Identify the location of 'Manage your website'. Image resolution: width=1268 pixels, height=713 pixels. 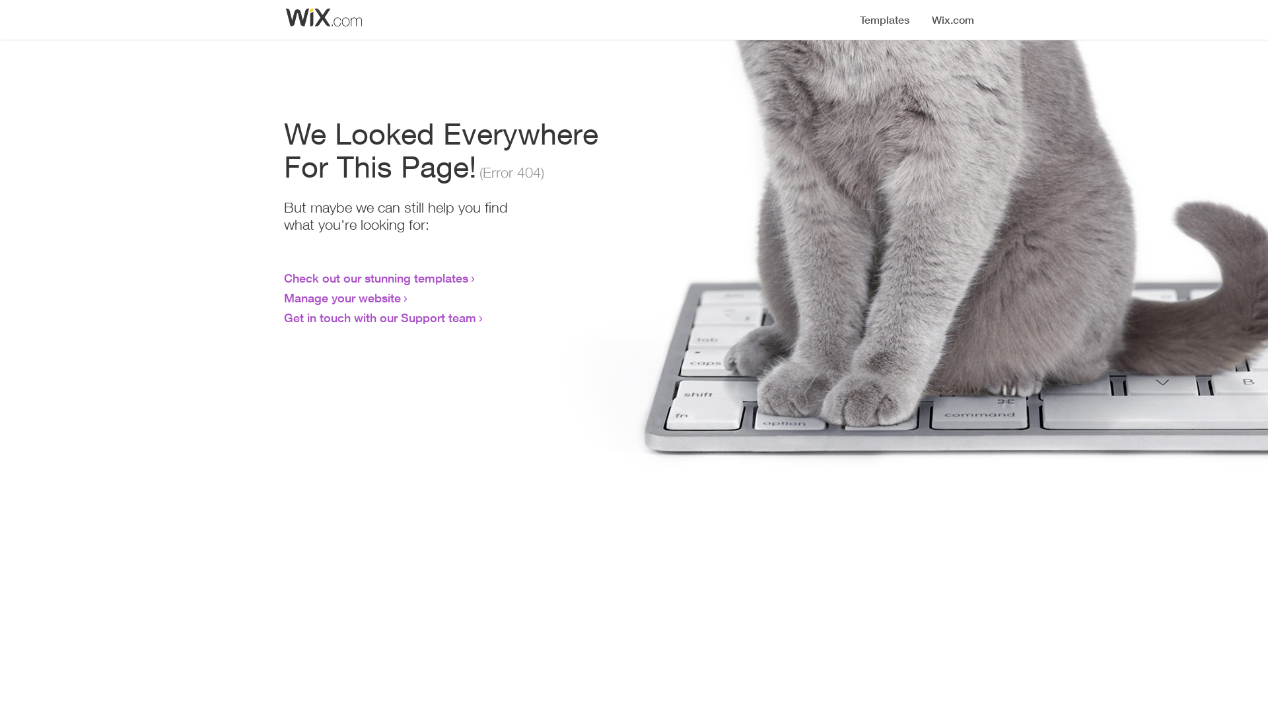
(342, 298).